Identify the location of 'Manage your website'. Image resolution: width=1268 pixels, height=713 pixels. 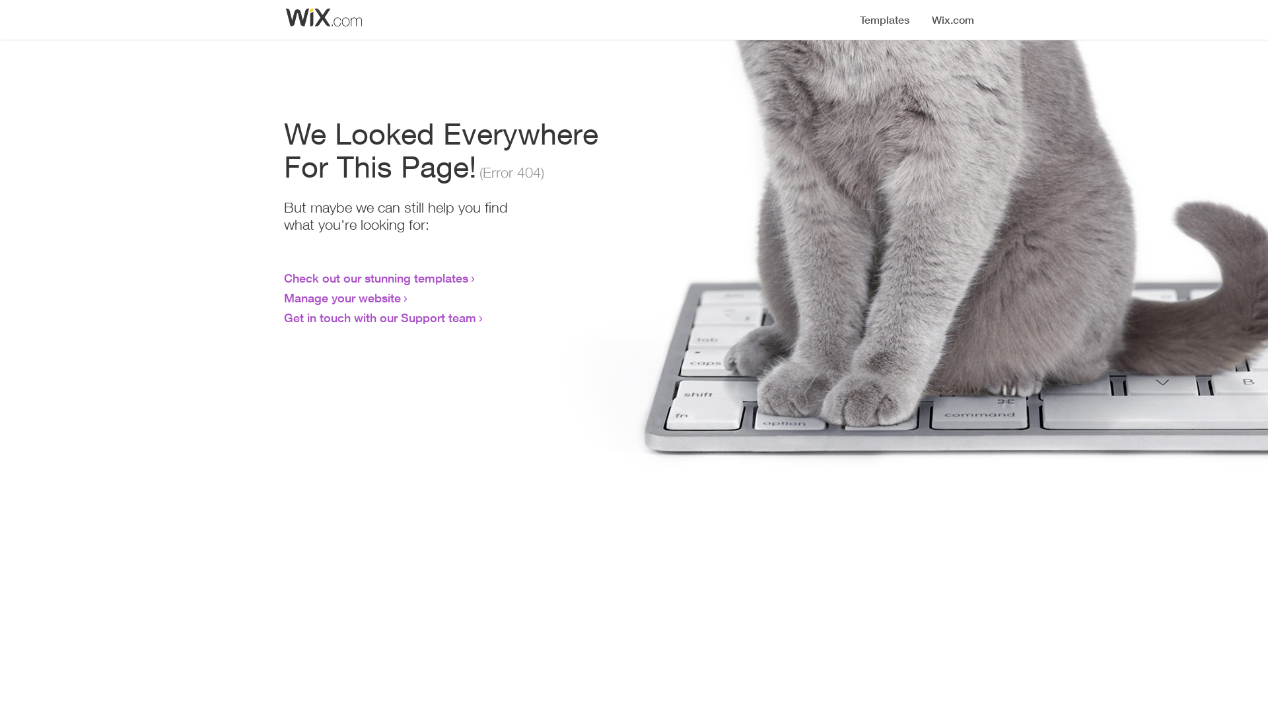
(342, 298).